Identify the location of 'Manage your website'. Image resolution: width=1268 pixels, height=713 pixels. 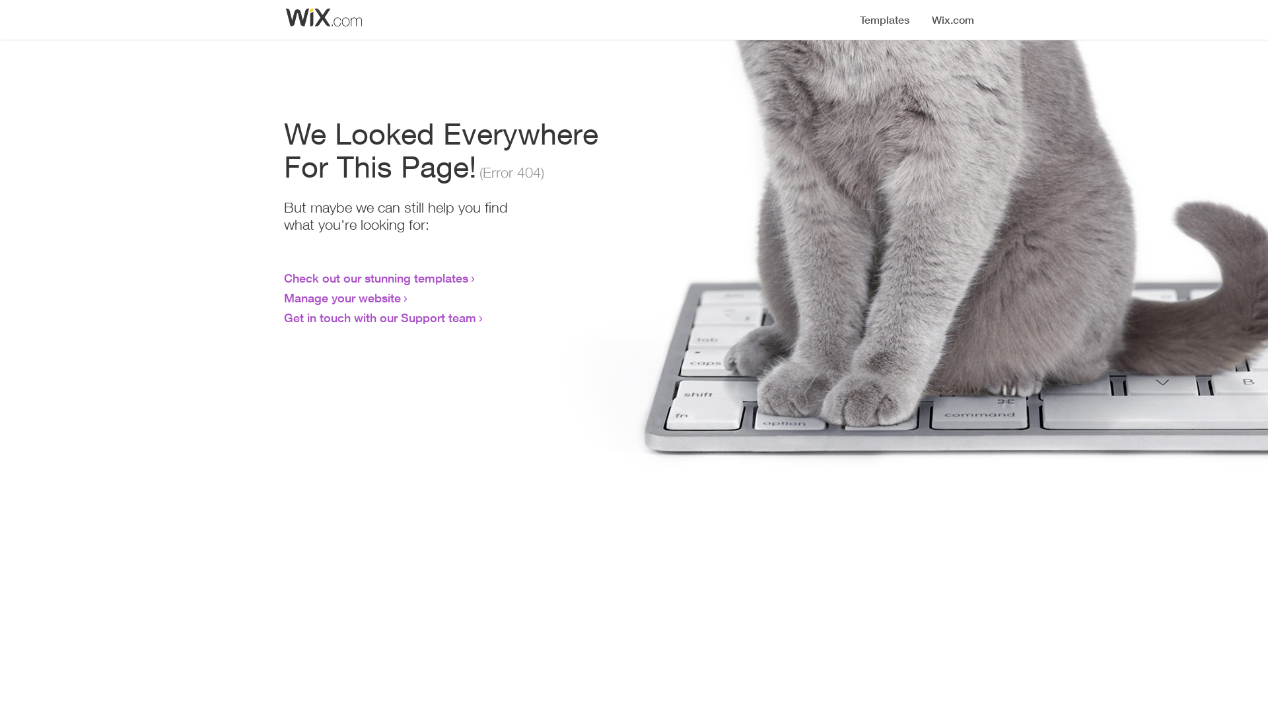
(342, 298).